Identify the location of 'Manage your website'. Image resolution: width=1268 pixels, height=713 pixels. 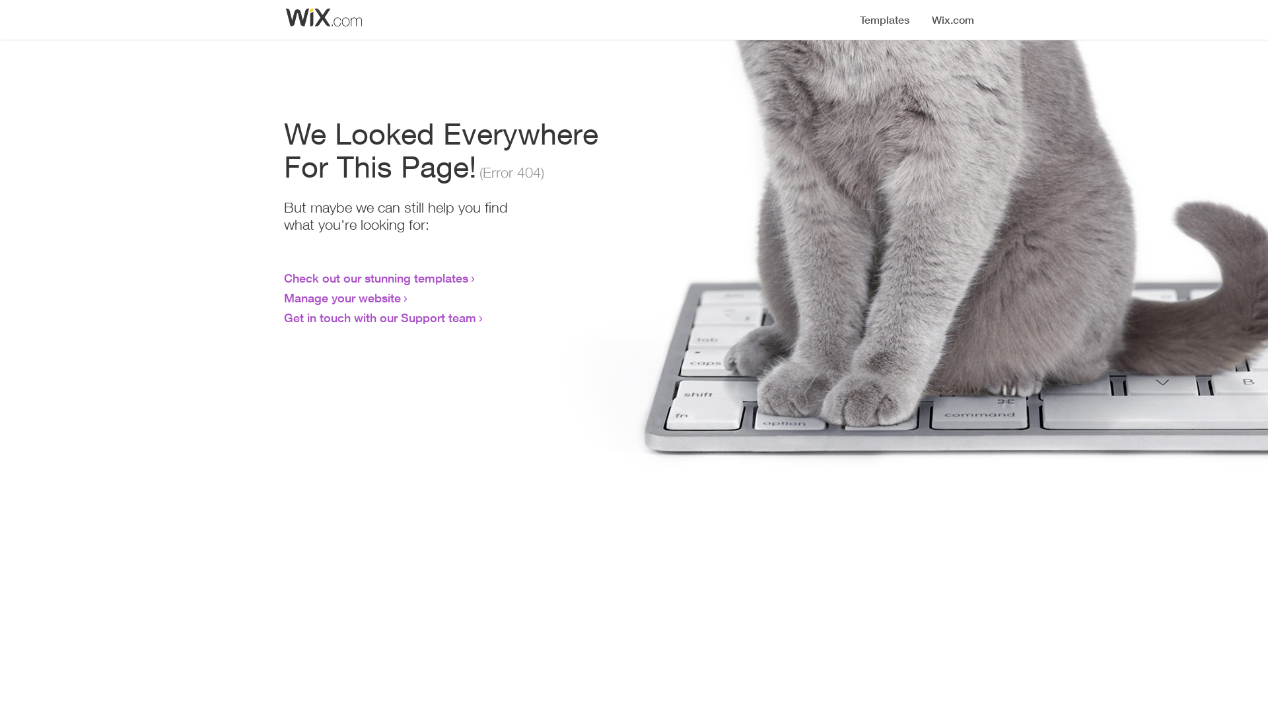
(342, 298).